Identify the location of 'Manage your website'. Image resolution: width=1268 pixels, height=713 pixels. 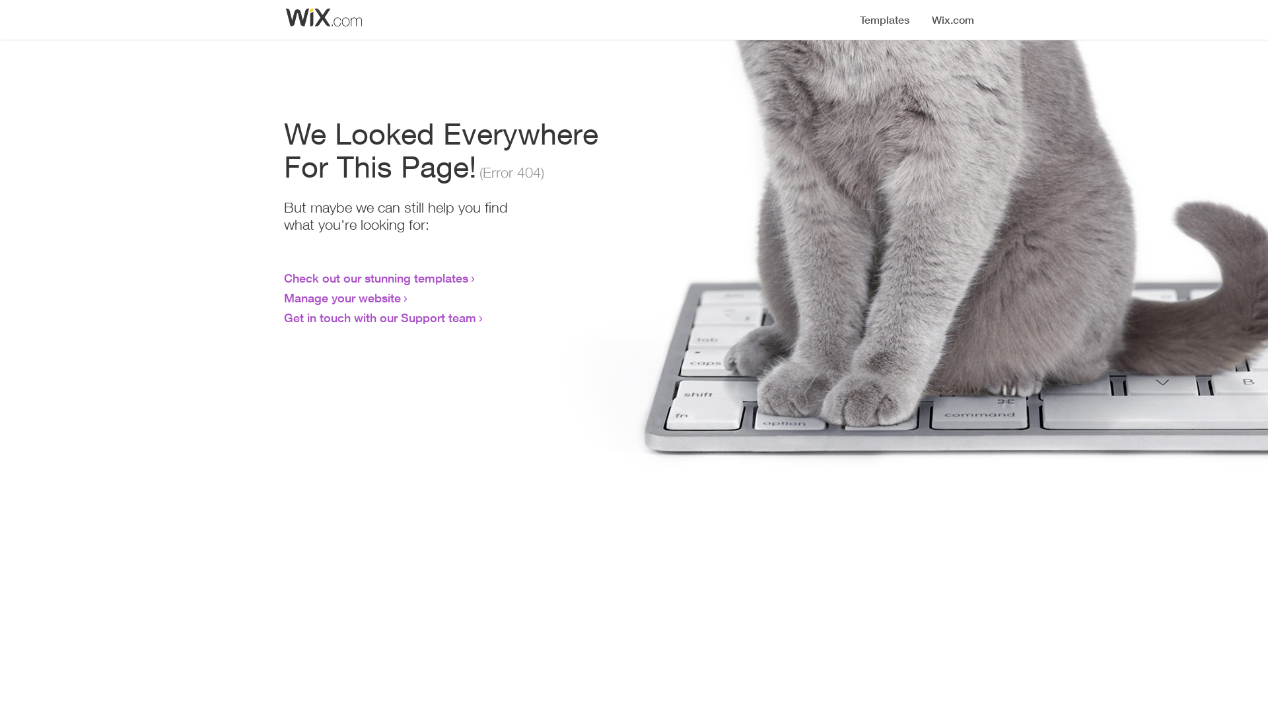
(342, 298).